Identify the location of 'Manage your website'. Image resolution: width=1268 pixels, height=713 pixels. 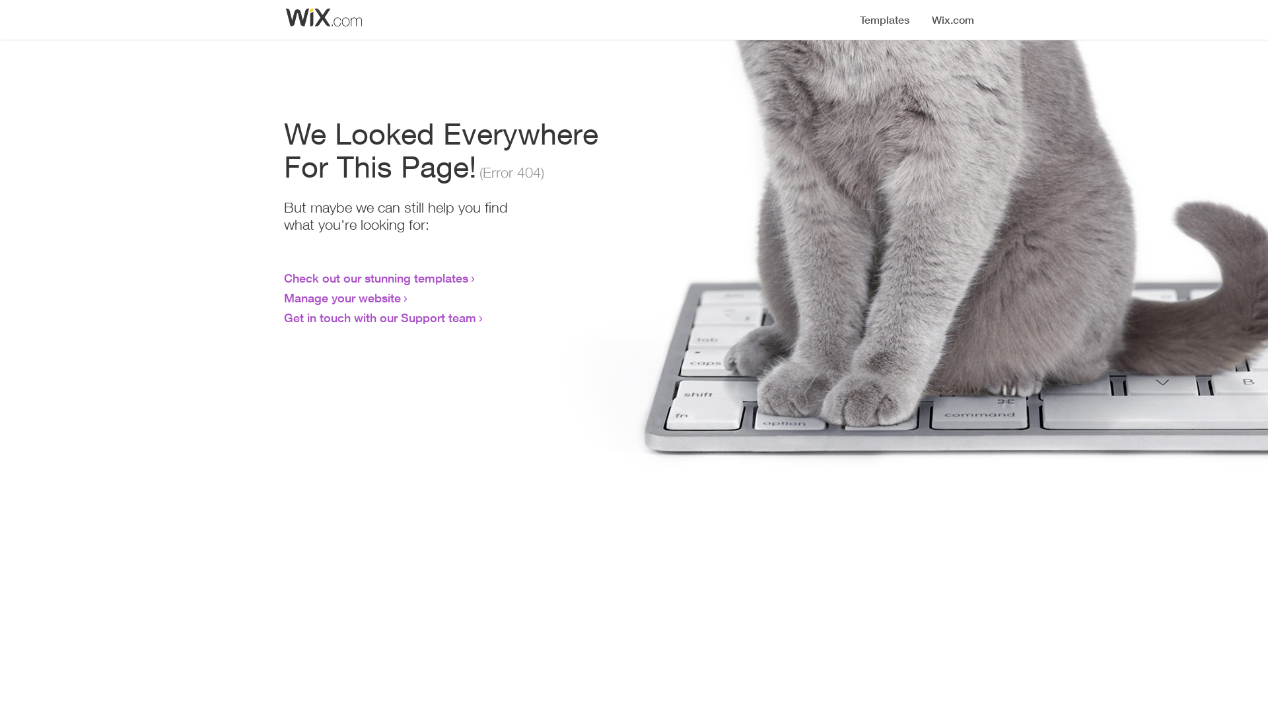
(342, 298).